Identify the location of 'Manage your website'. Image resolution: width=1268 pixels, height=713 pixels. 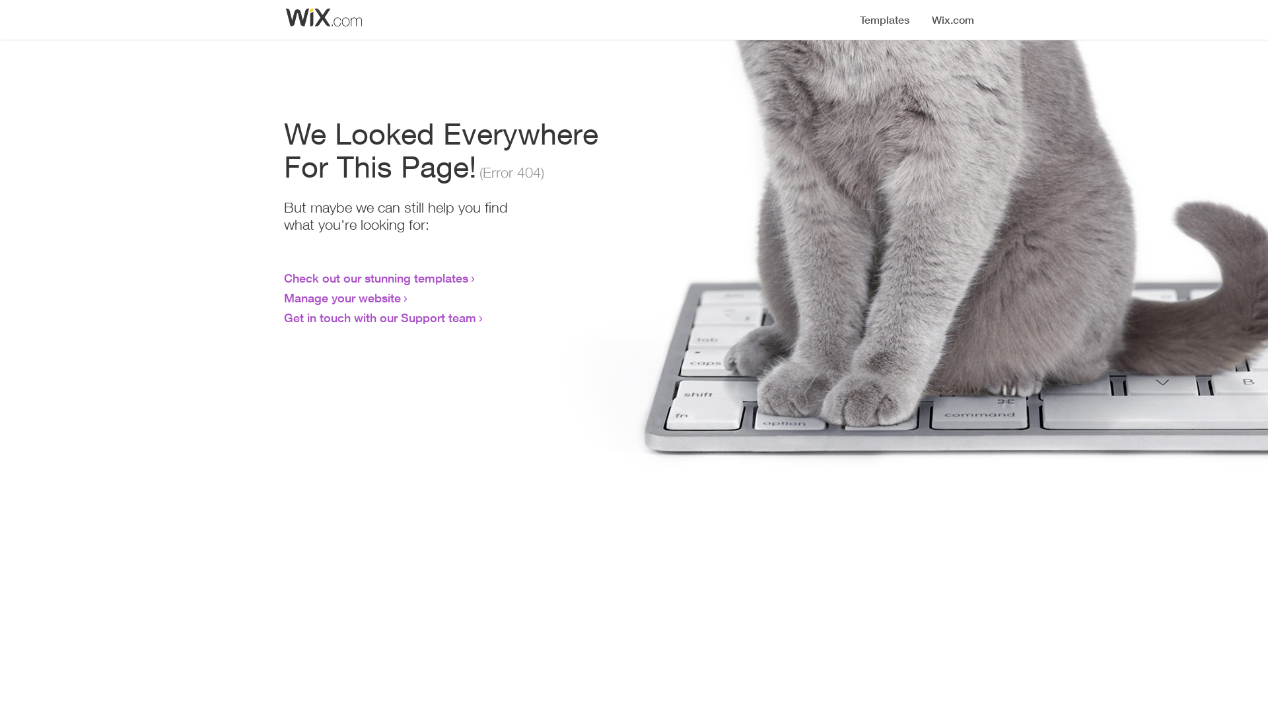
(342, 298).